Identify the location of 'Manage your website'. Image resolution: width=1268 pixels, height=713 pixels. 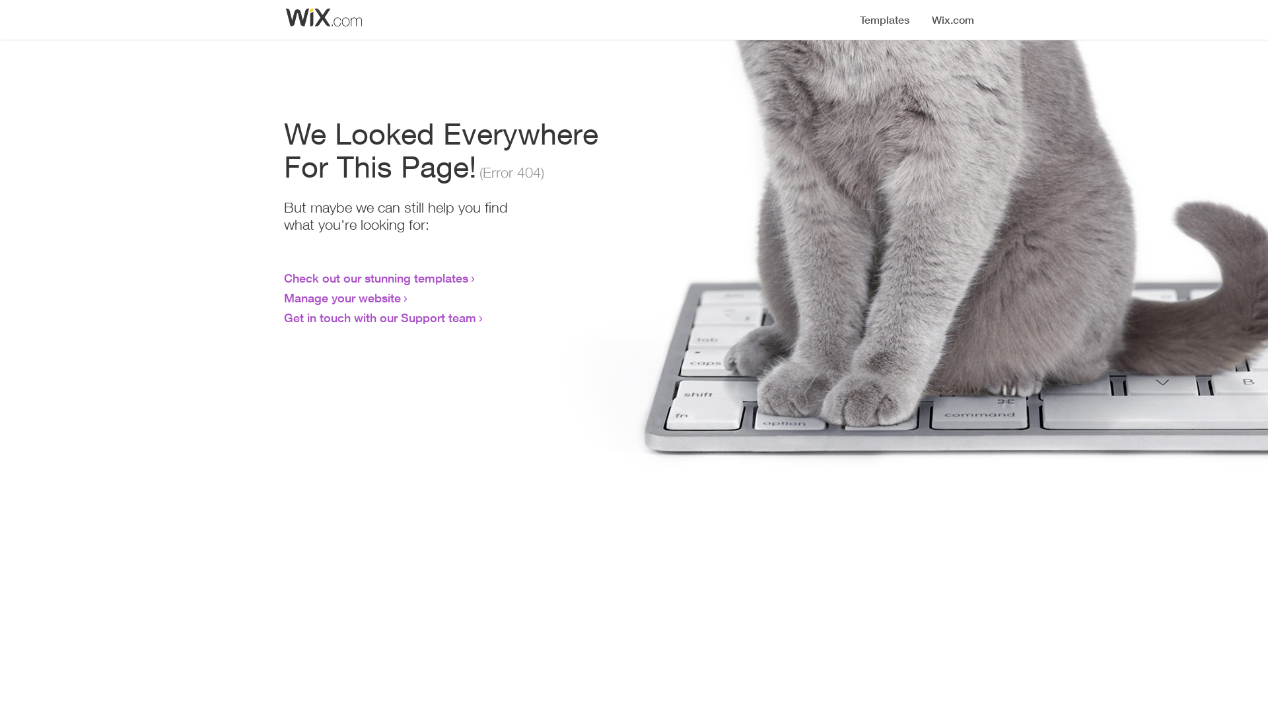
(342, 298).